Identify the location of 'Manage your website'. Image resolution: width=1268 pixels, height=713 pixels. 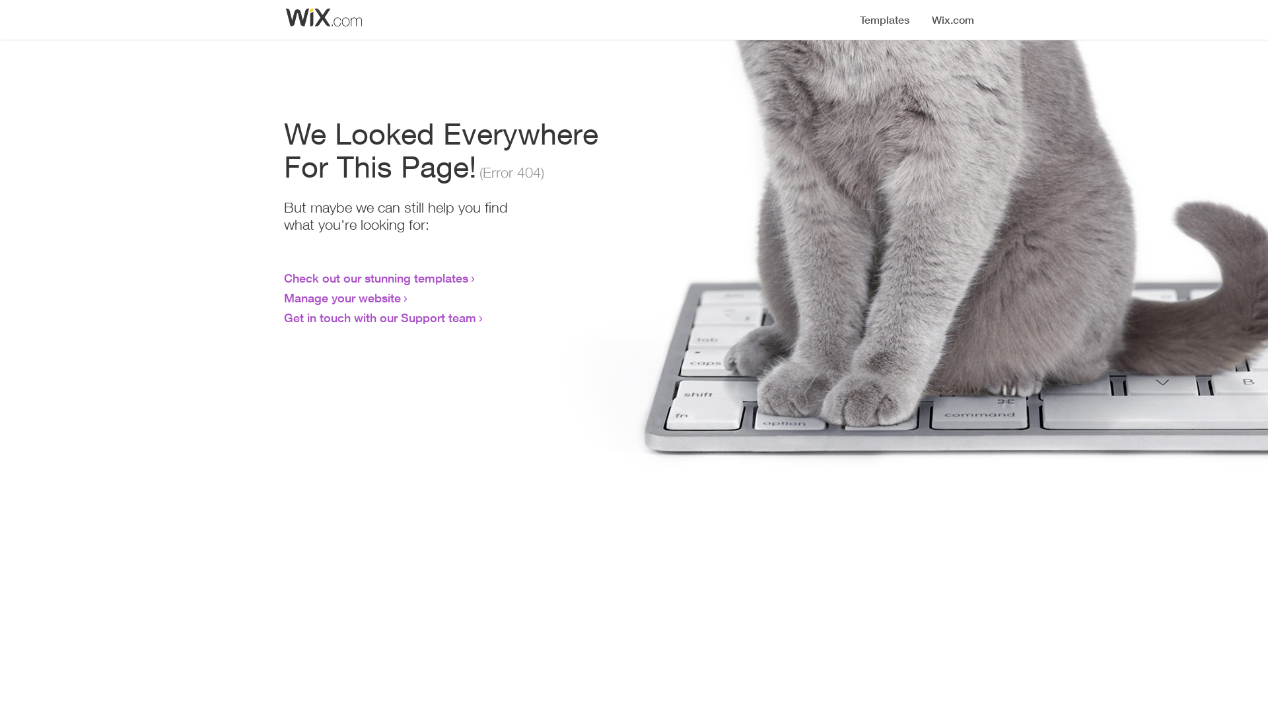
(342, 298).